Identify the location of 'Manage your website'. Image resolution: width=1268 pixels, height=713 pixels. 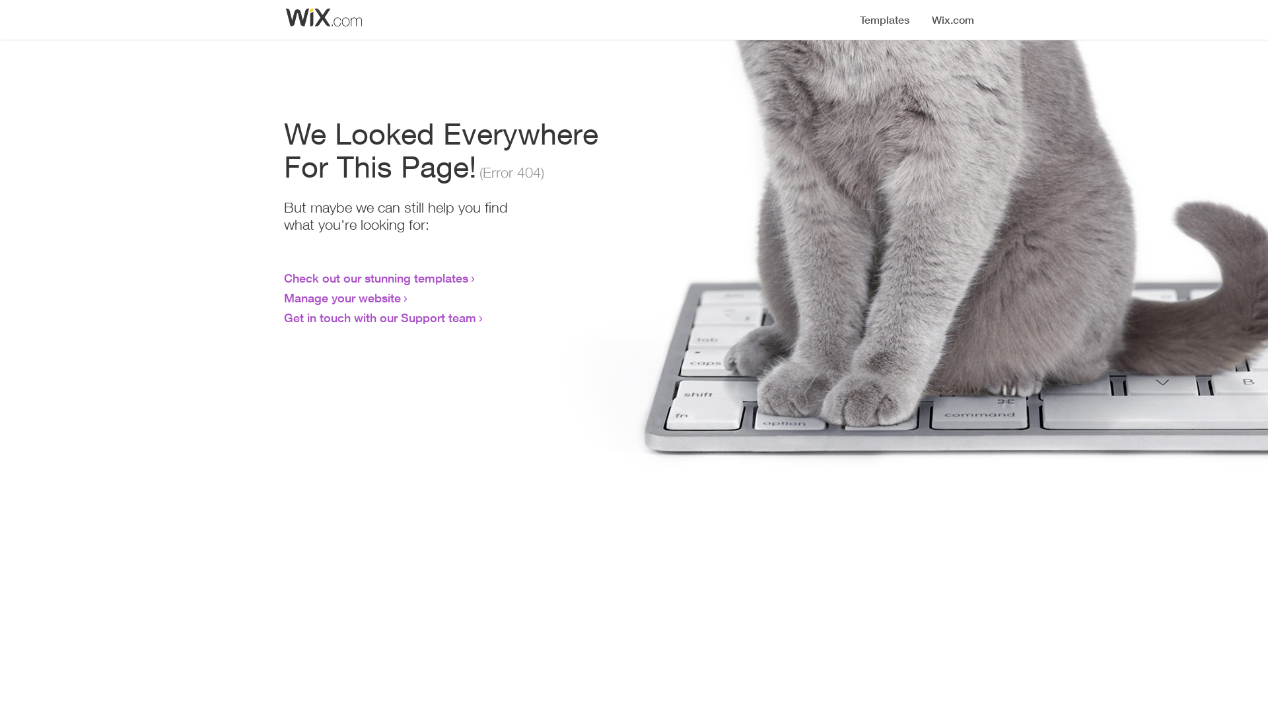
(342, 298).